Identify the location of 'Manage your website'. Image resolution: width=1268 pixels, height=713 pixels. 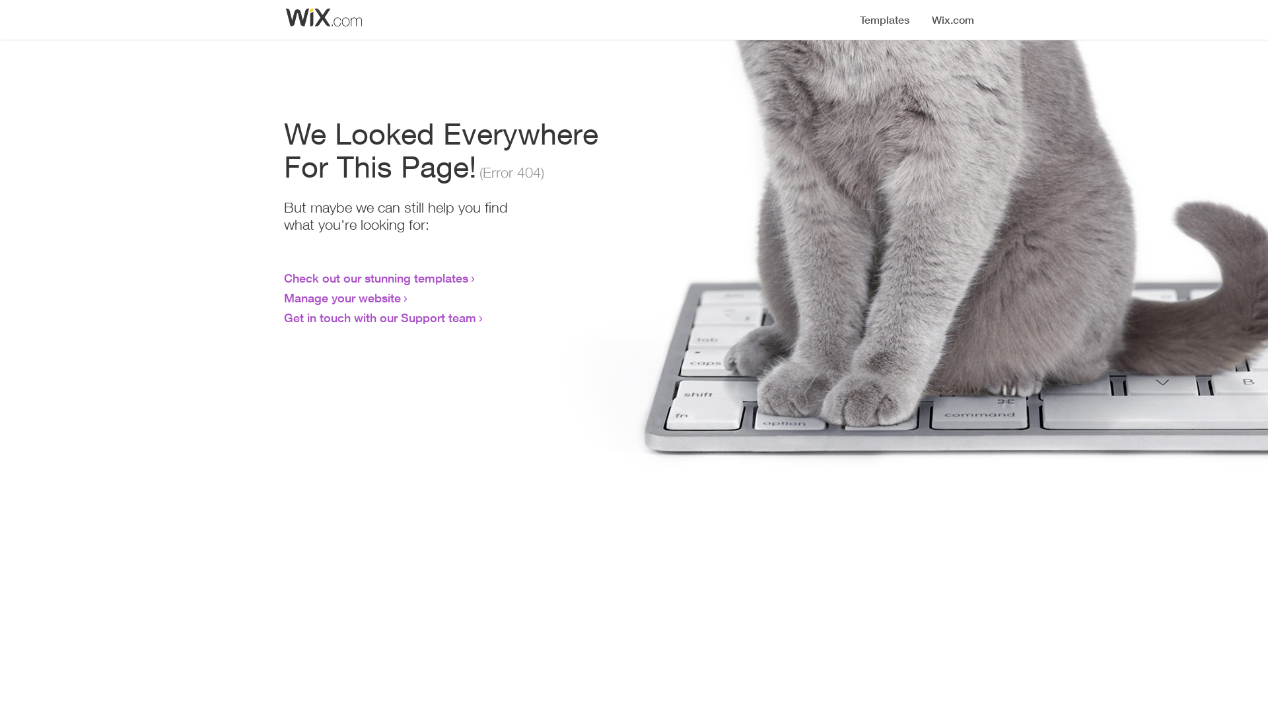
(342, 298).